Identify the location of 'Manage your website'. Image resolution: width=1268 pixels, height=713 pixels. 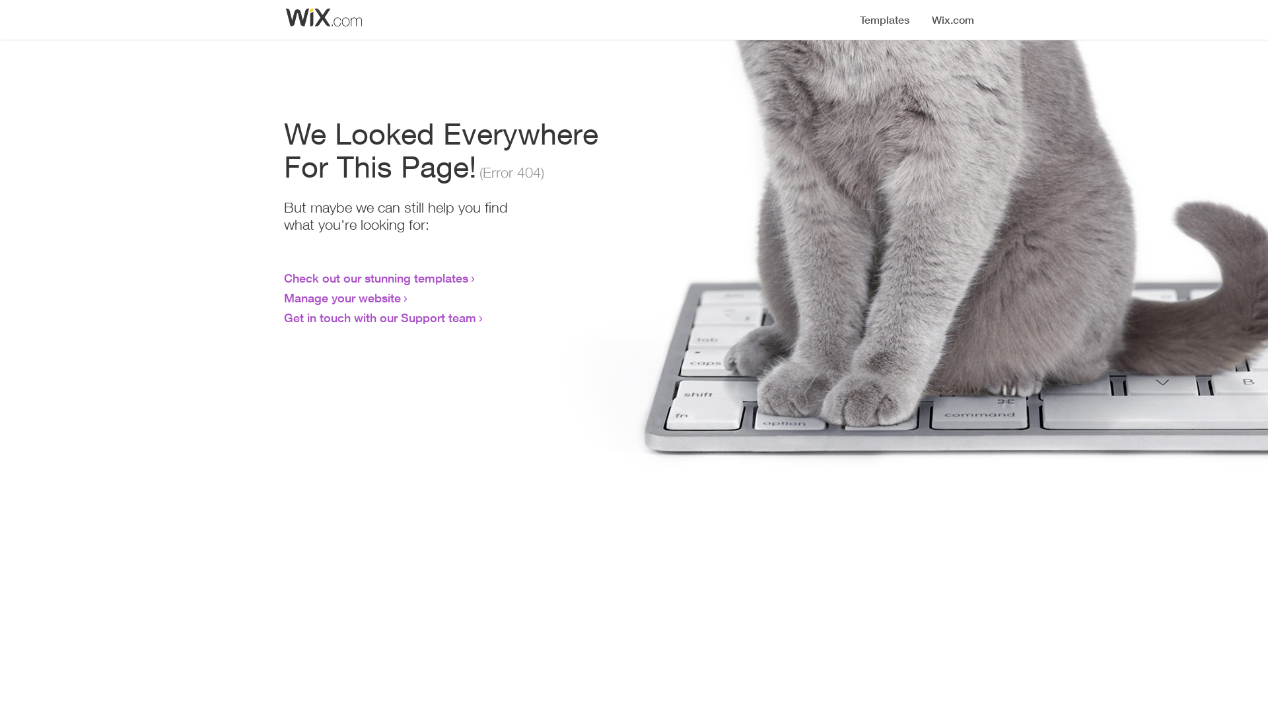
(342, 298).